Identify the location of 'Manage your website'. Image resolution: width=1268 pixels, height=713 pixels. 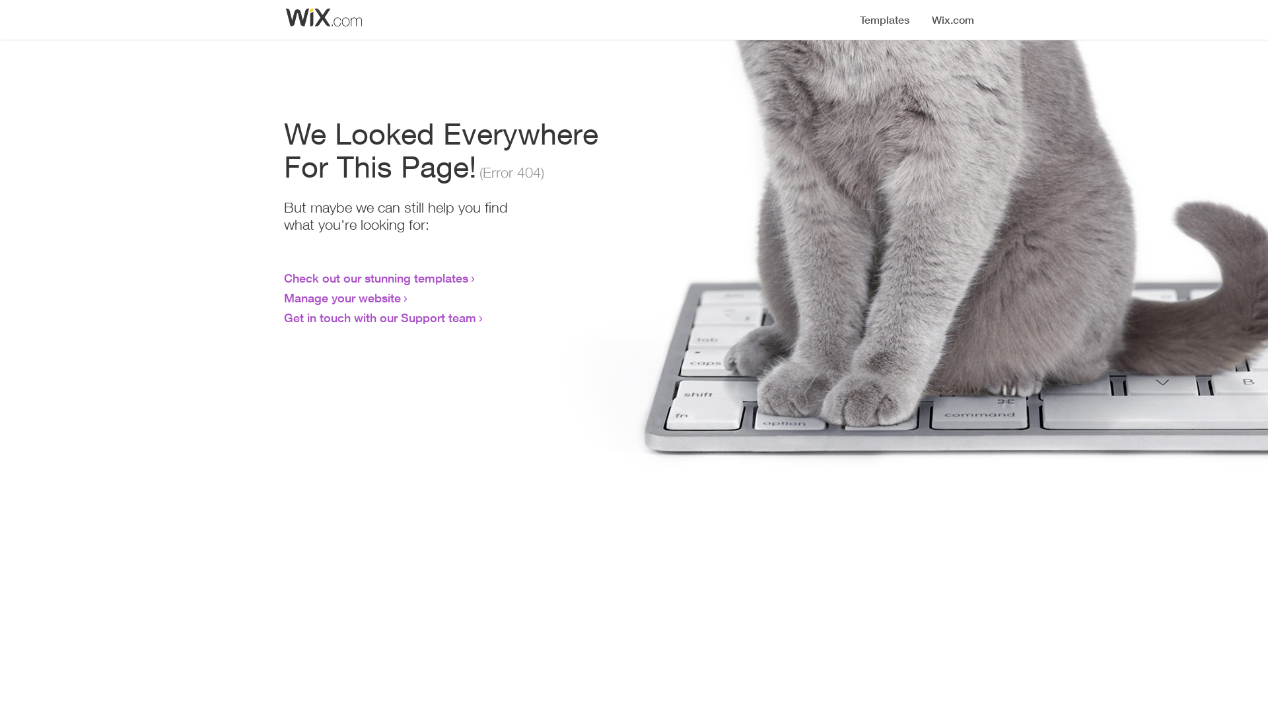
(342, 298).